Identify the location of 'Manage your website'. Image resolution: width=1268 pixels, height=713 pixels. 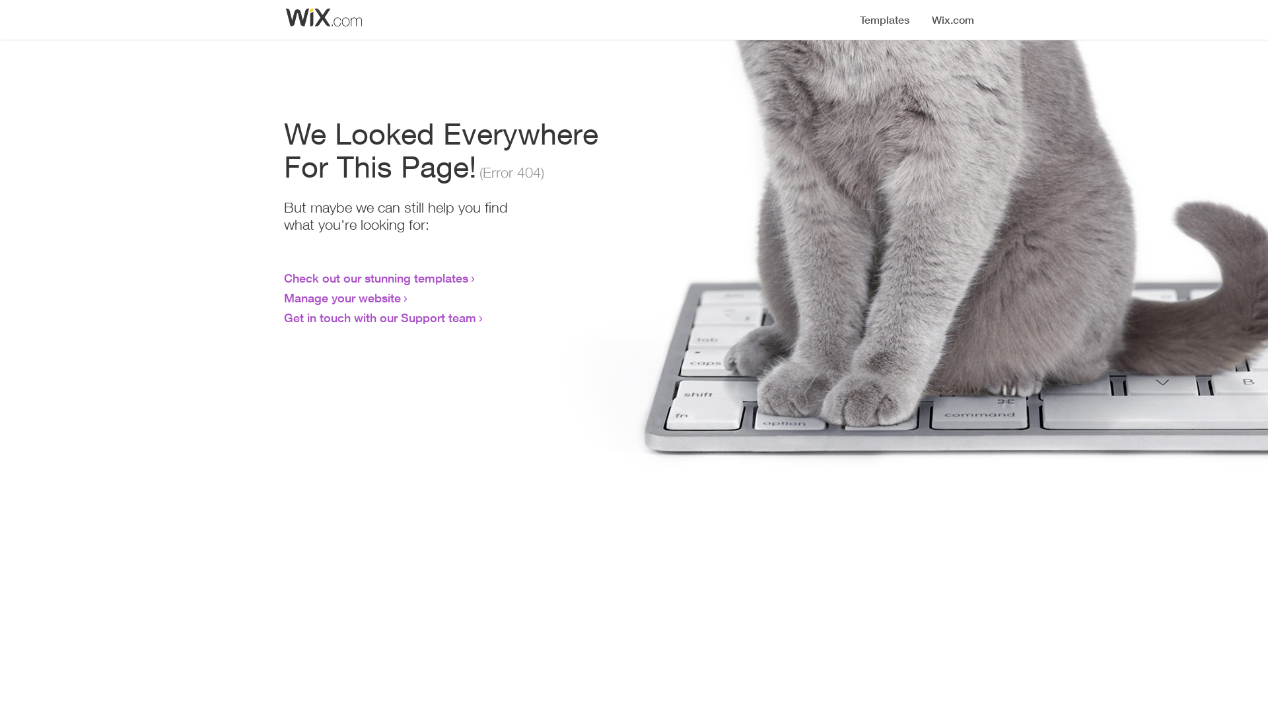
(342, 298).